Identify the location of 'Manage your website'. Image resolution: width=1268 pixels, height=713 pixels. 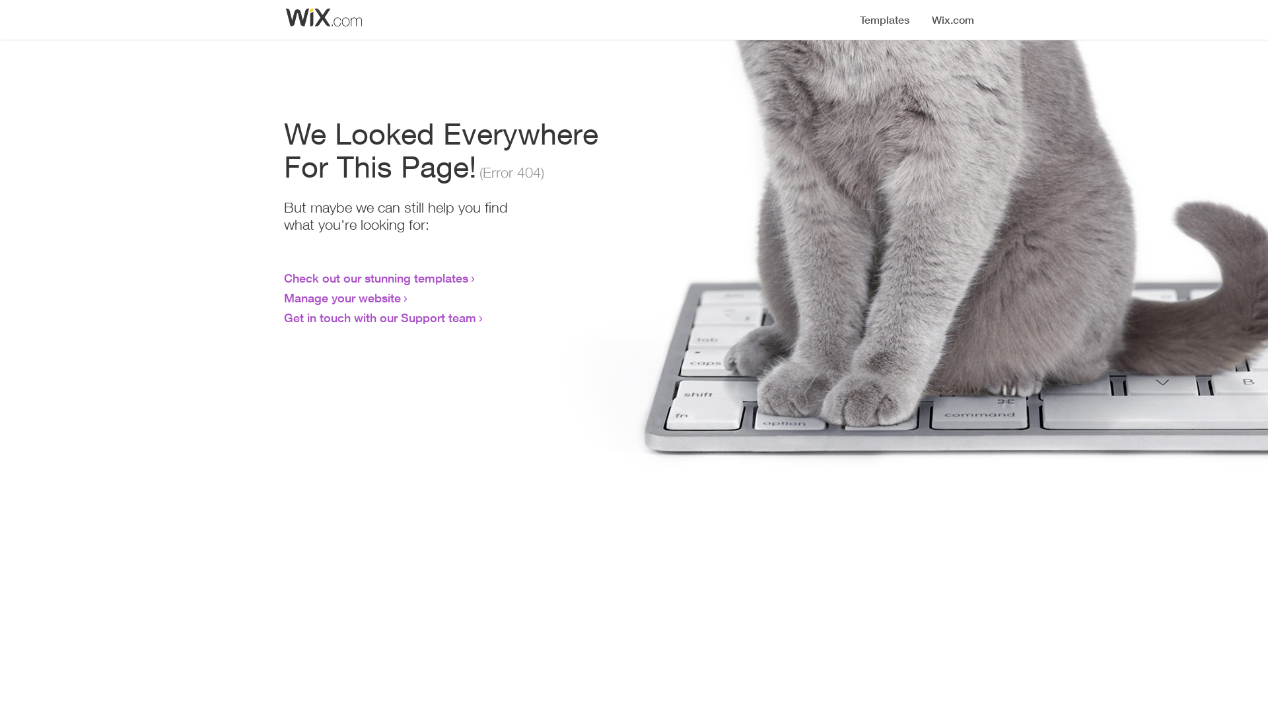
(342, 298).